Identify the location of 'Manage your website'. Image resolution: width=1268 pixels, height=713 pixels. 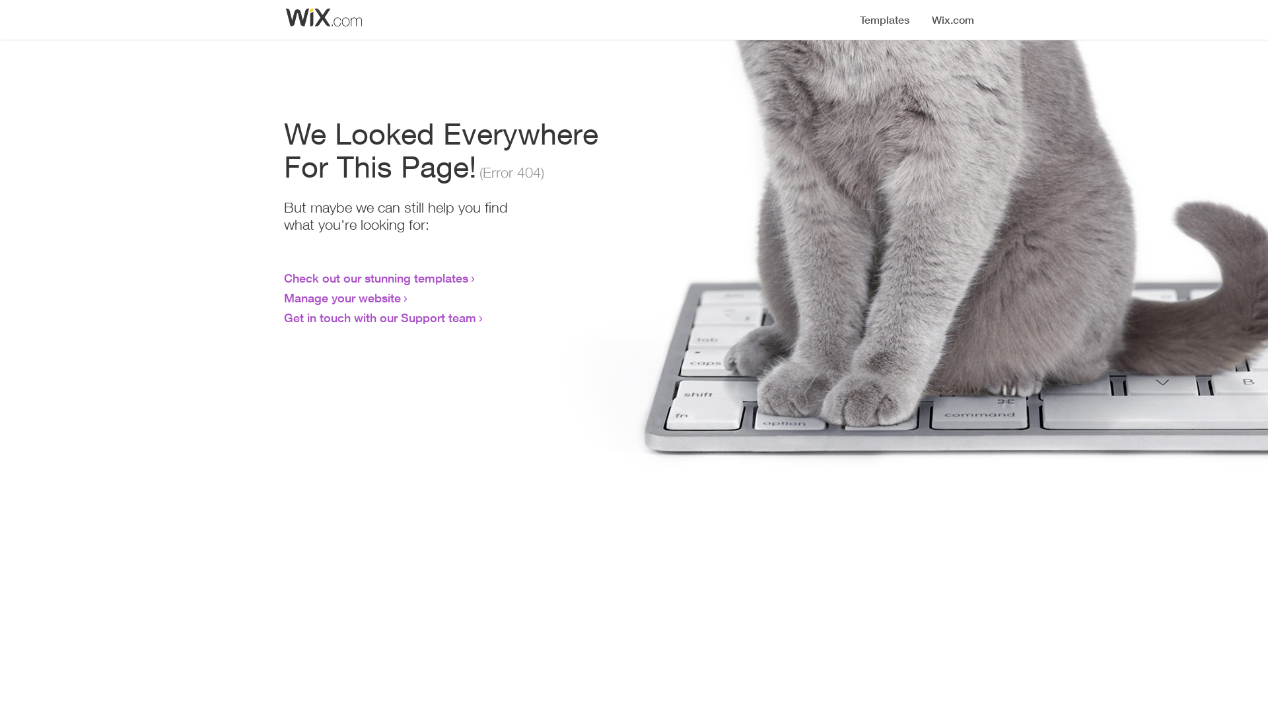
(342, 298).